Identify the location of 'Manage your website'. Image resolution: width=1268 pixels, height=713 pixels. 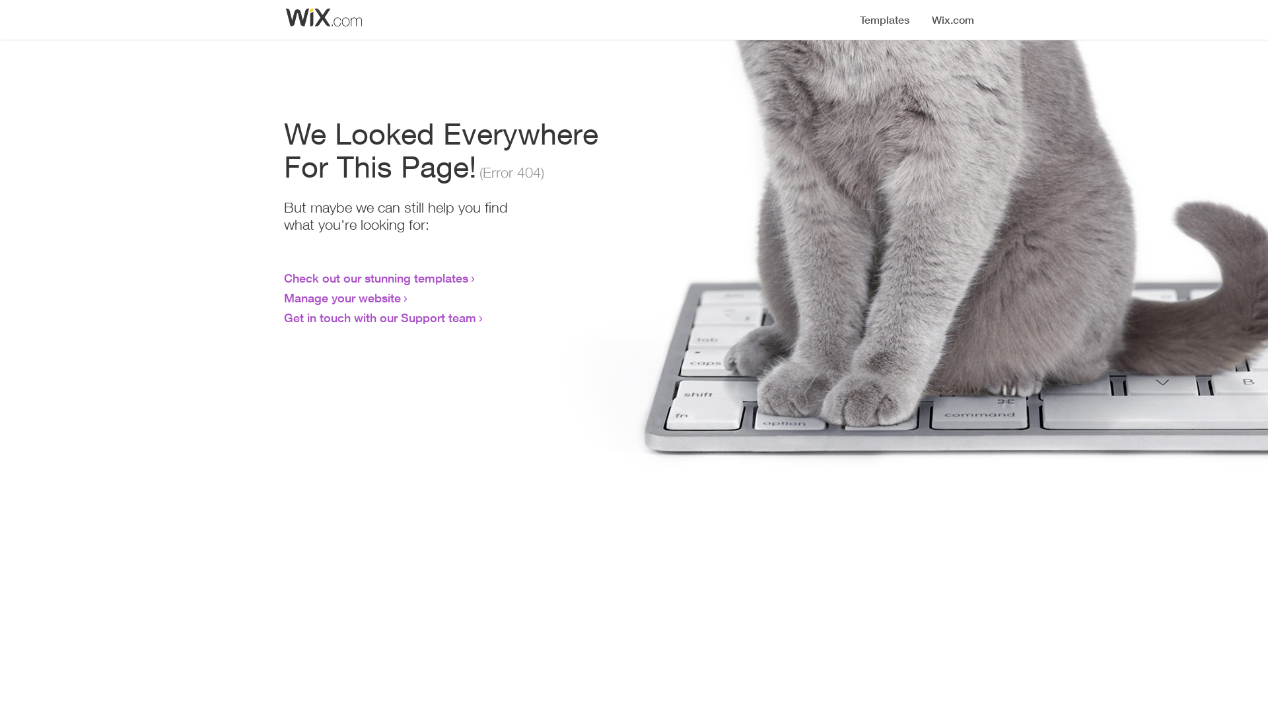
(342, 298).